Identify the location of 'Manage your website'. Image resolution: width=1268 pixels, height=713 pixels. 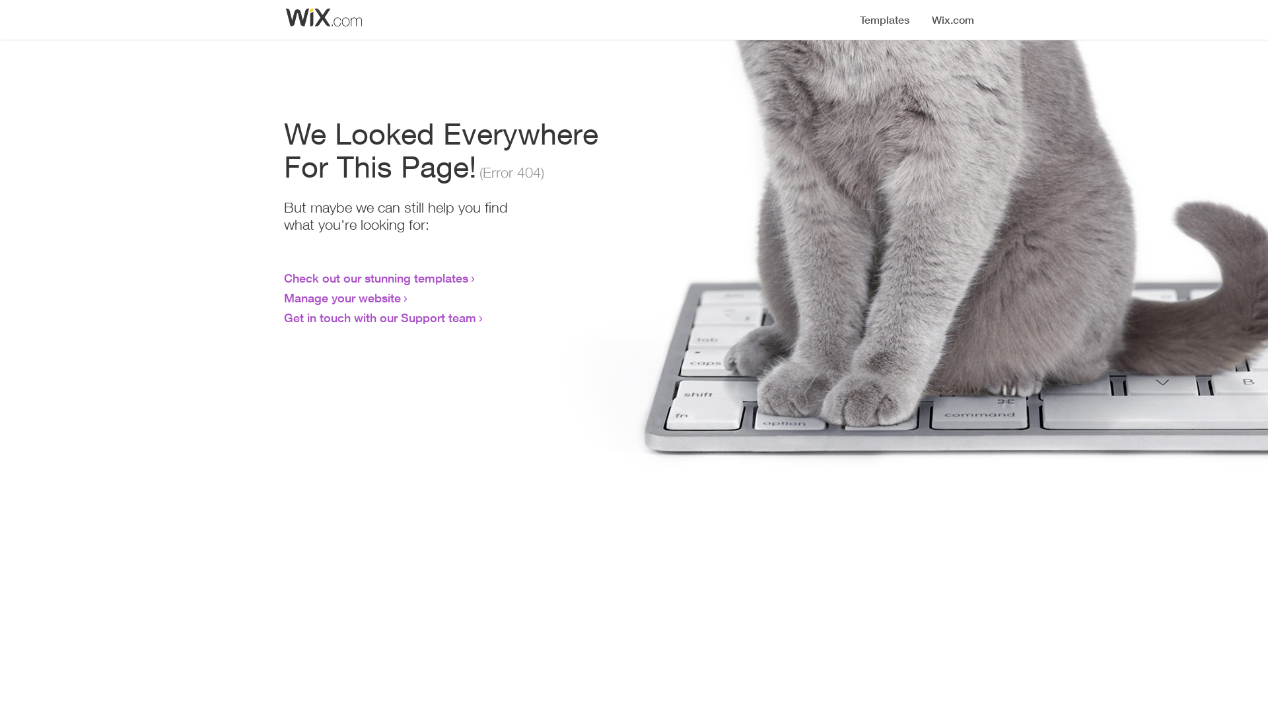
(342, 298).